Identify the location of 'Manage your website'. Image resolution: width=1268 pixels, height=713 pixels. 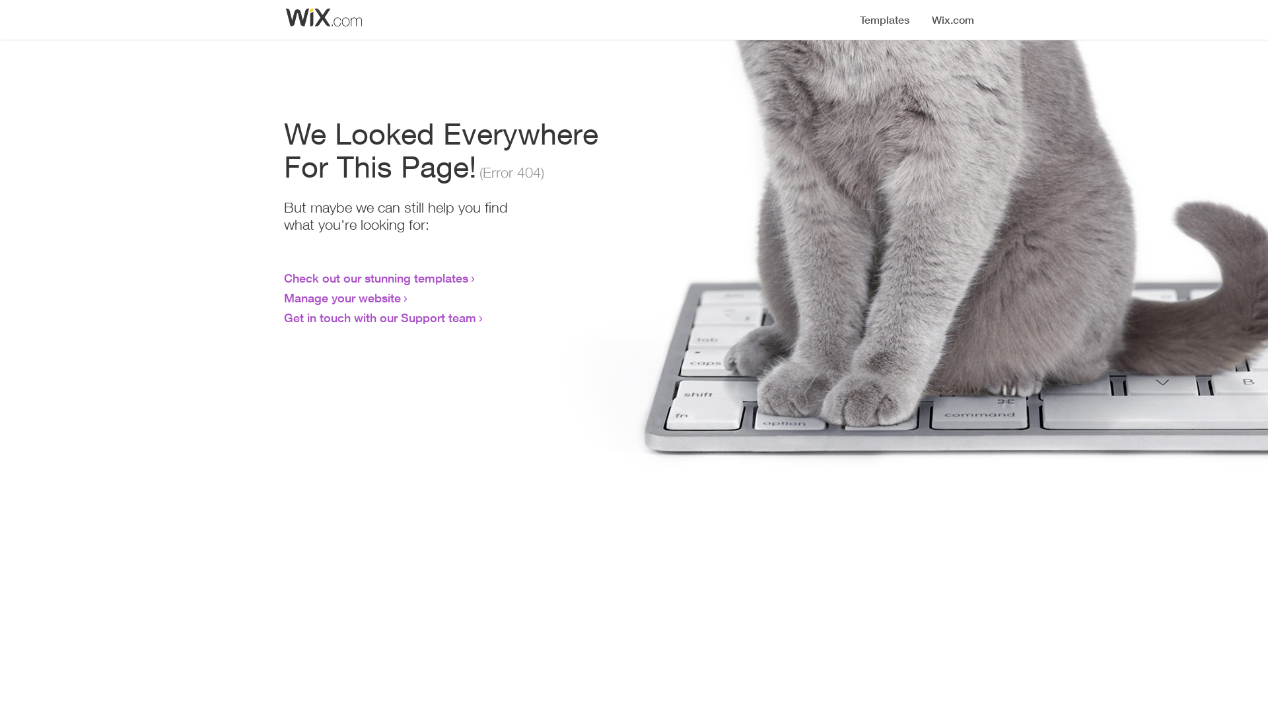
(342, 298).